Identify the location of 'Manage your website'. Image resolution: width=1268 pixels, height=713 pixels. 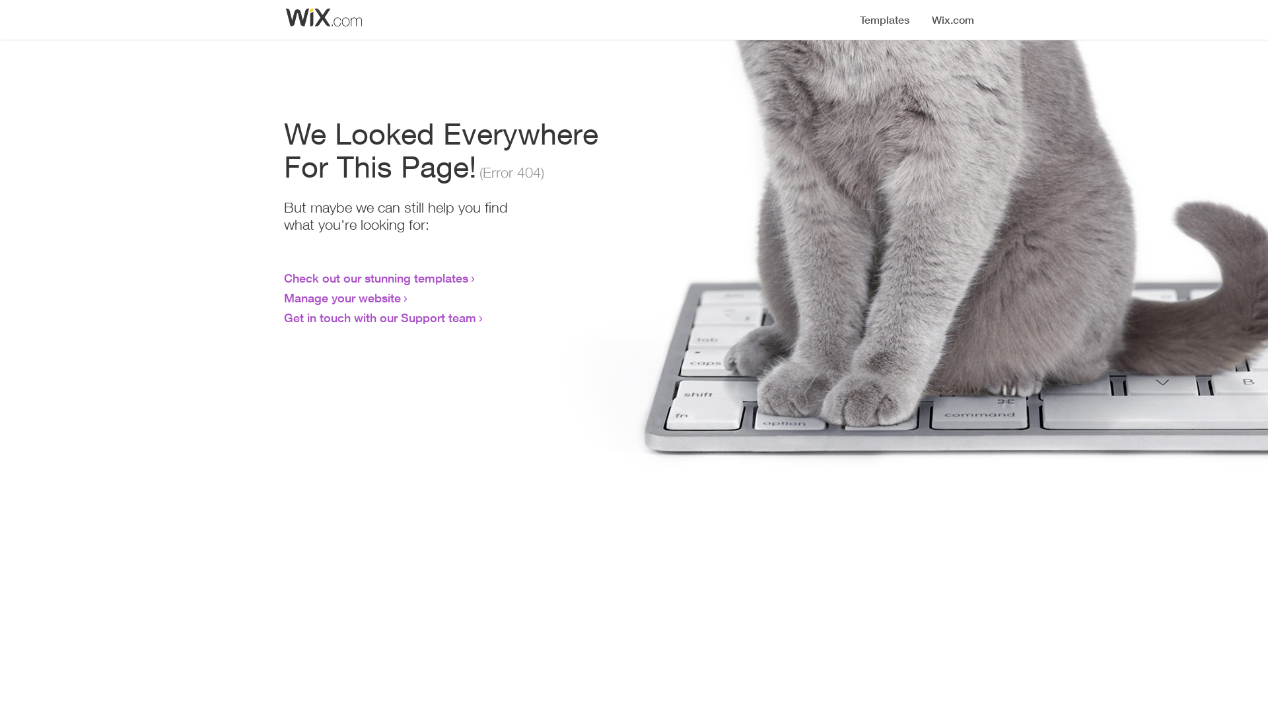
(342, 298).